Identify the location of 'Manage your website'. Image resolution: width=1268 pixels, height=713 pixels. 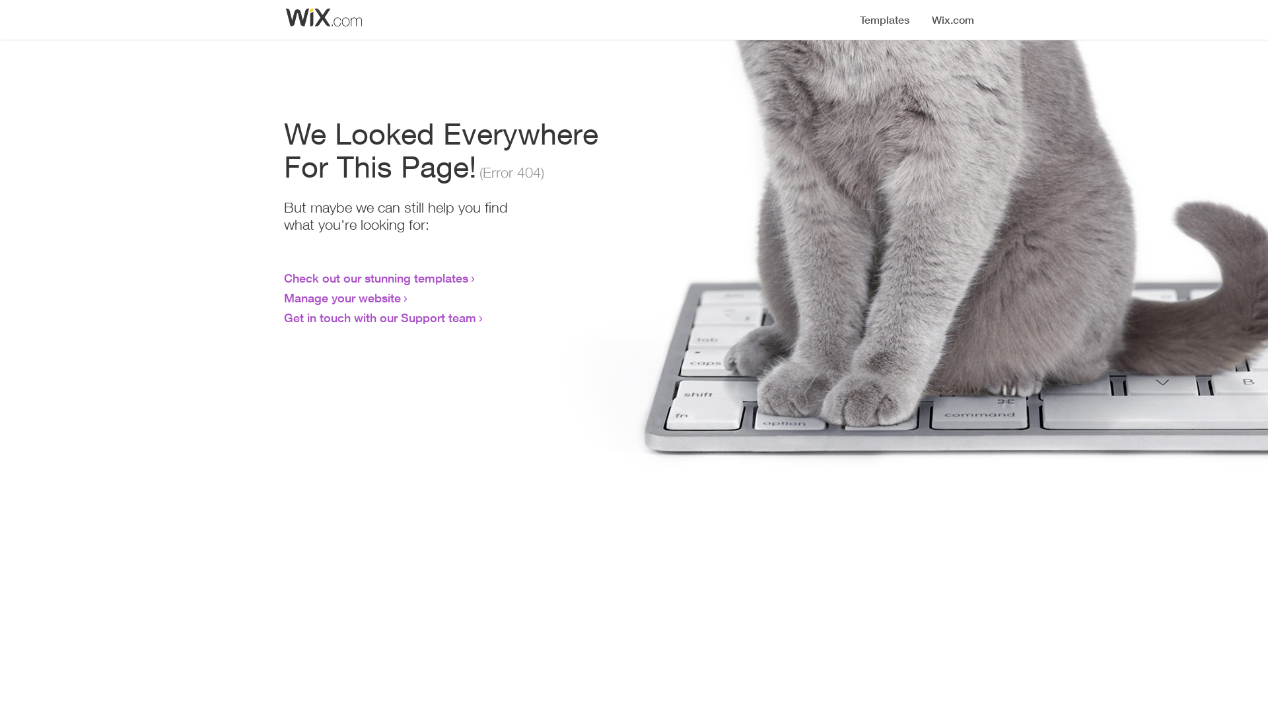
(342, 298).